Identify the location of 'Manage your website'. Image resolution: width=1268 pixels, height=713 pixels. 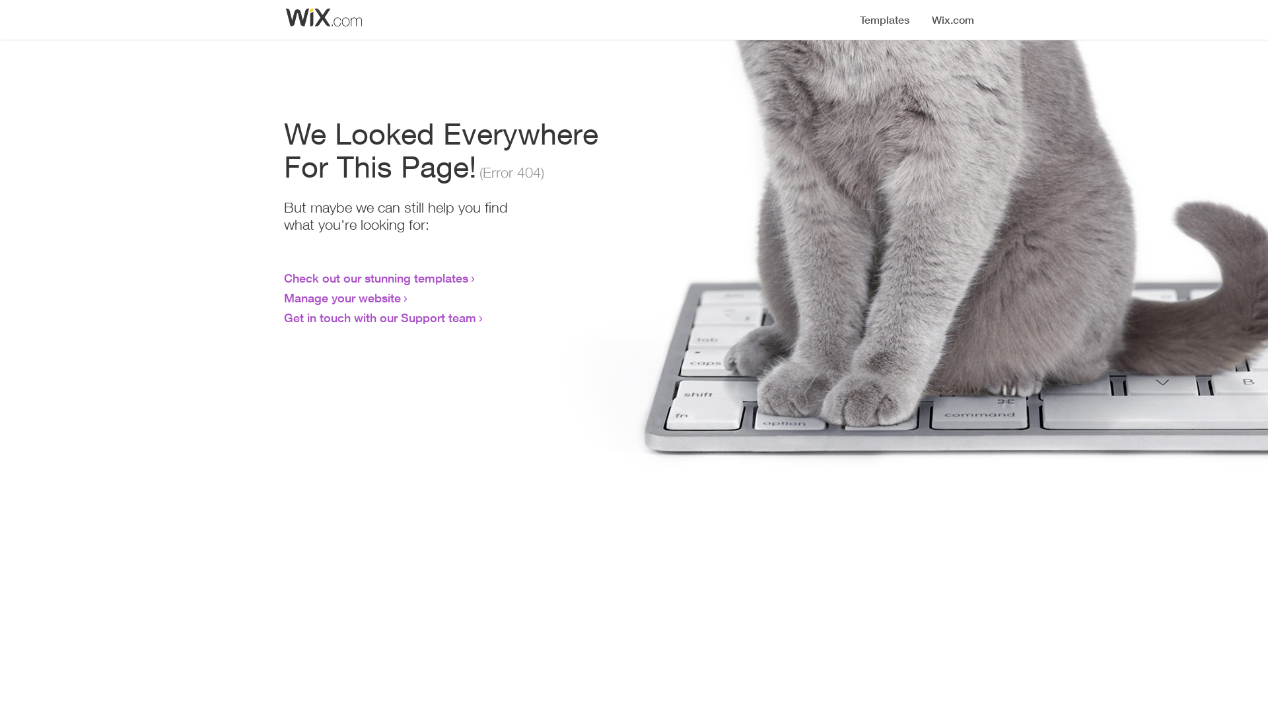
(342, 298).